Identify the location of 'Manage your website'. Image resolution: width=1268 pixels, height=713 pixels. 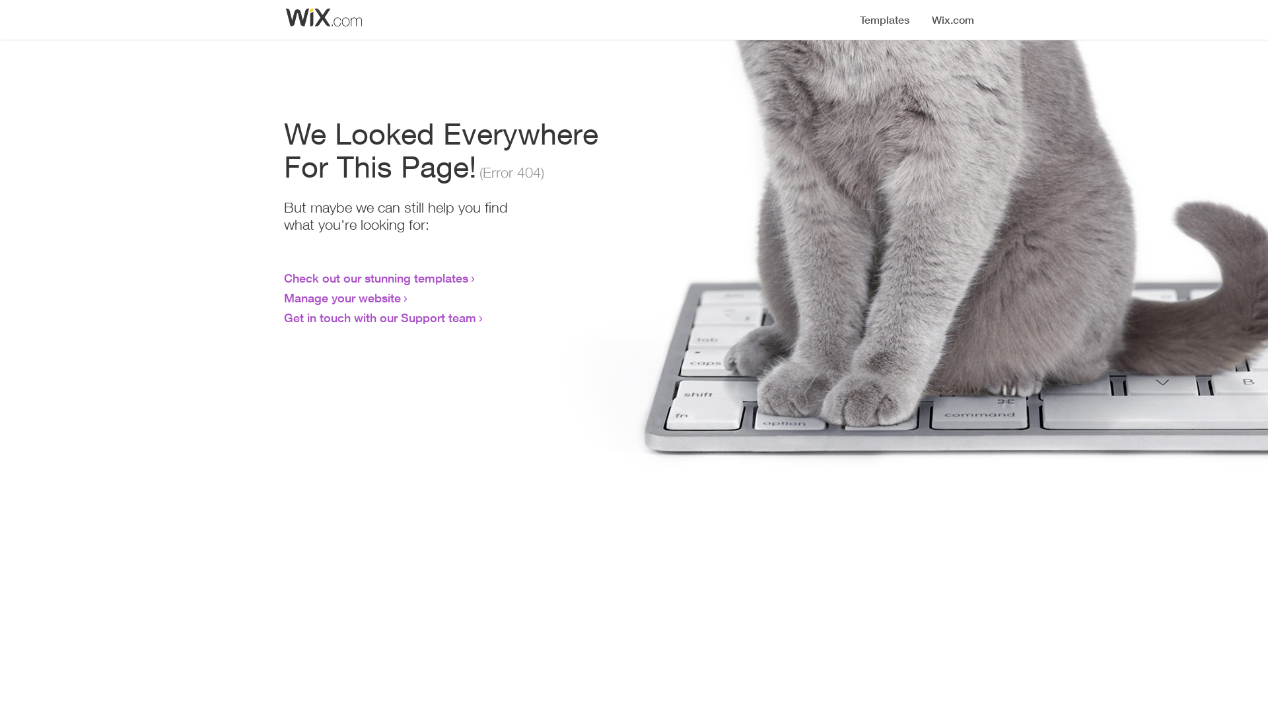
(342, 298).